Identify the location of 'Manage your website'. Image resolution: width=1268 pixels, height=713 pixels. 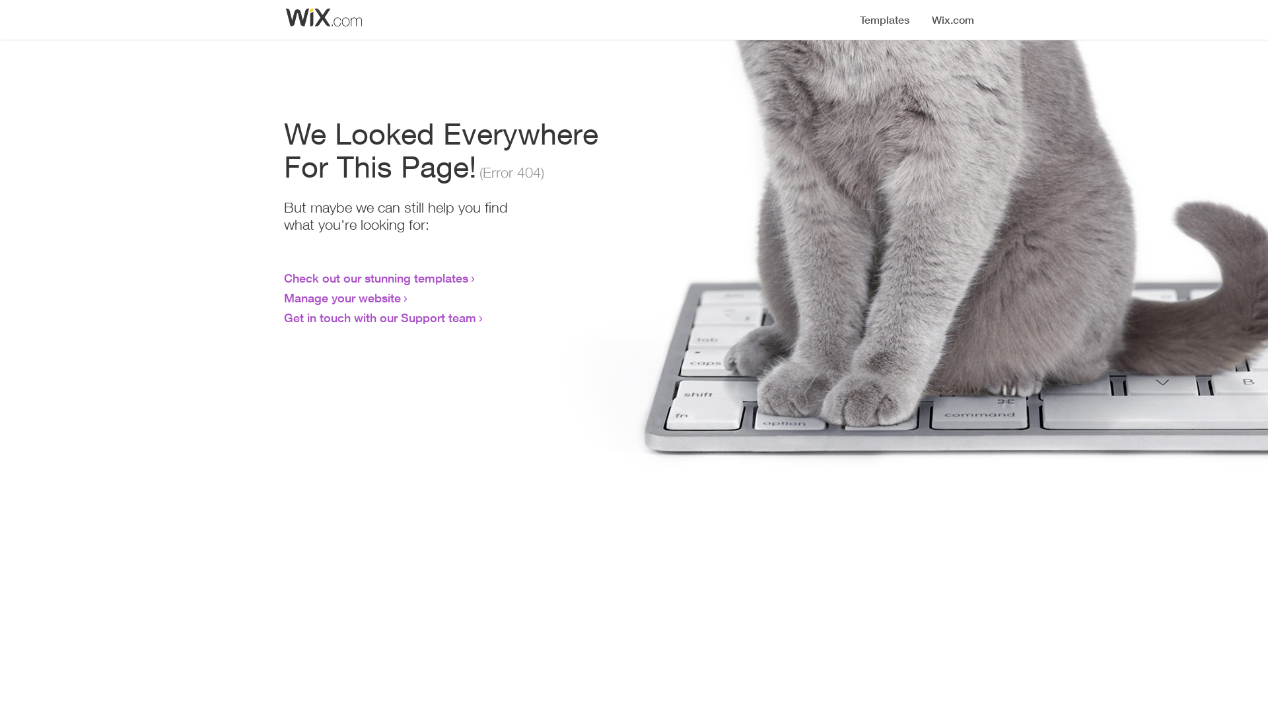
(342, 298).